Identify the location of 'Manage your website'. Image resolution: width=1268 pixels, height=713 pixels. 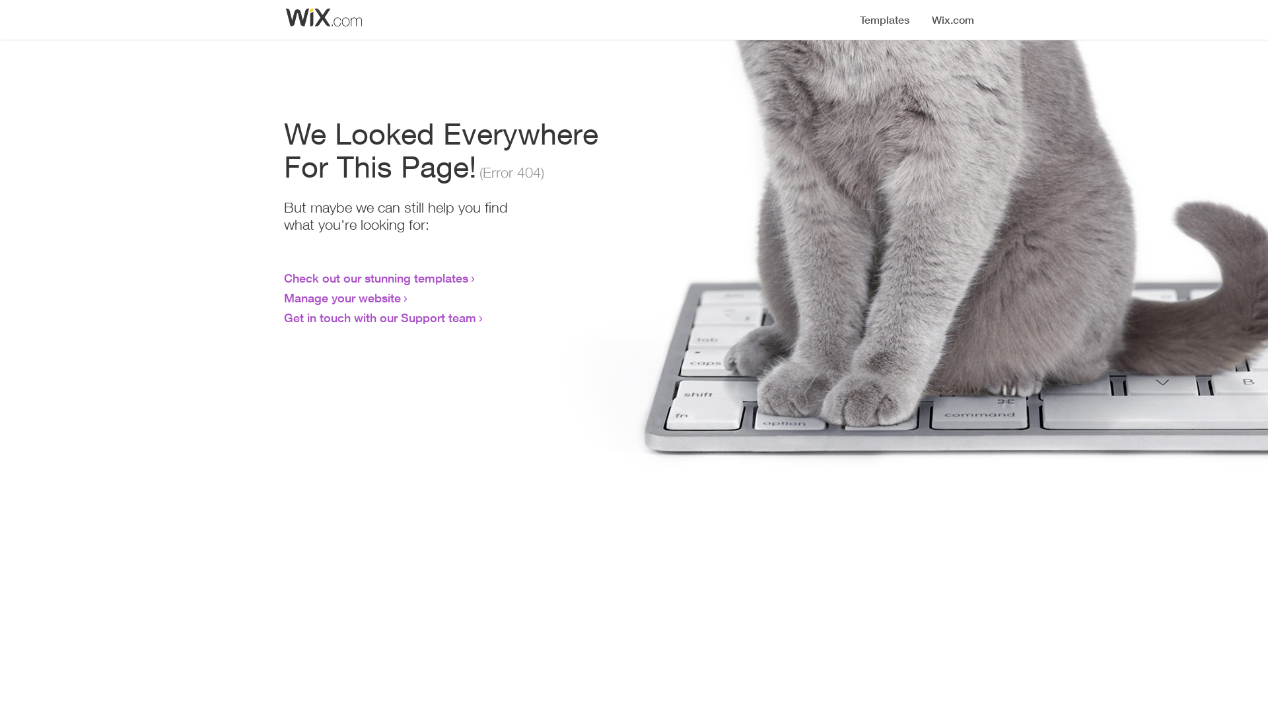
(342, 298).